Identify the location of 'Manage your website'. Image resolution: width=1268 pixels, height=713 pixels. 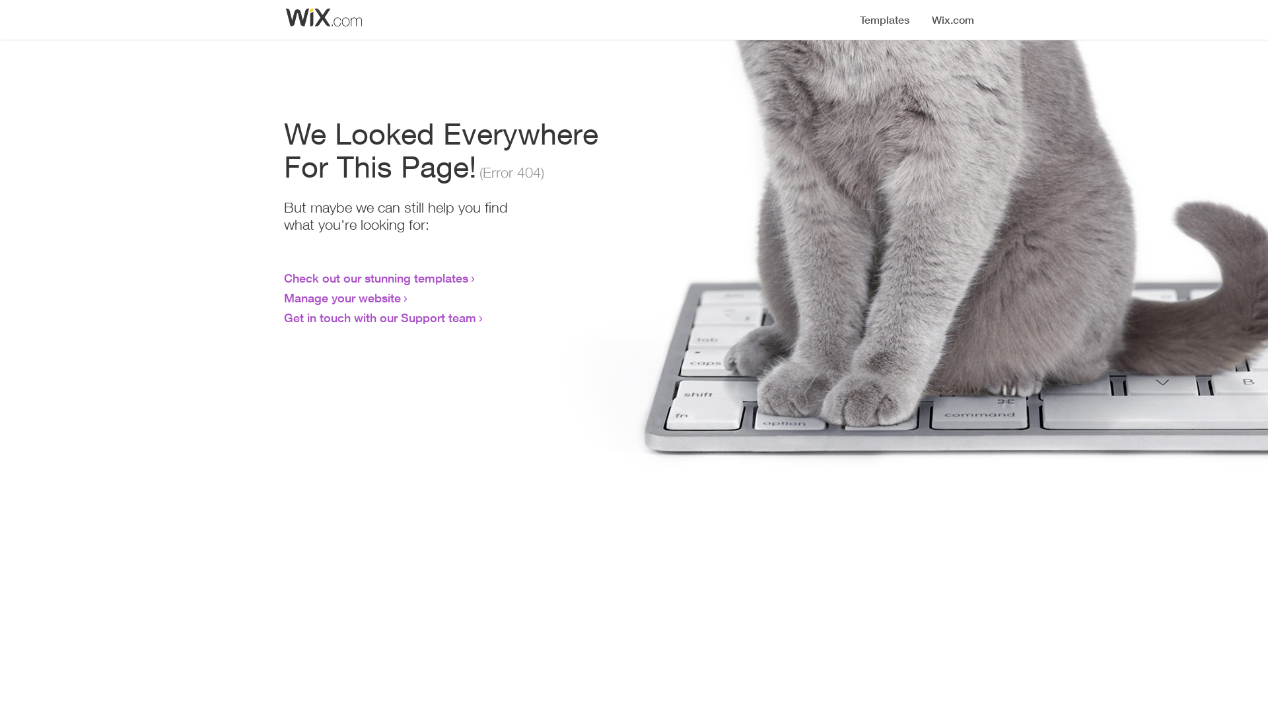
(342, 298).